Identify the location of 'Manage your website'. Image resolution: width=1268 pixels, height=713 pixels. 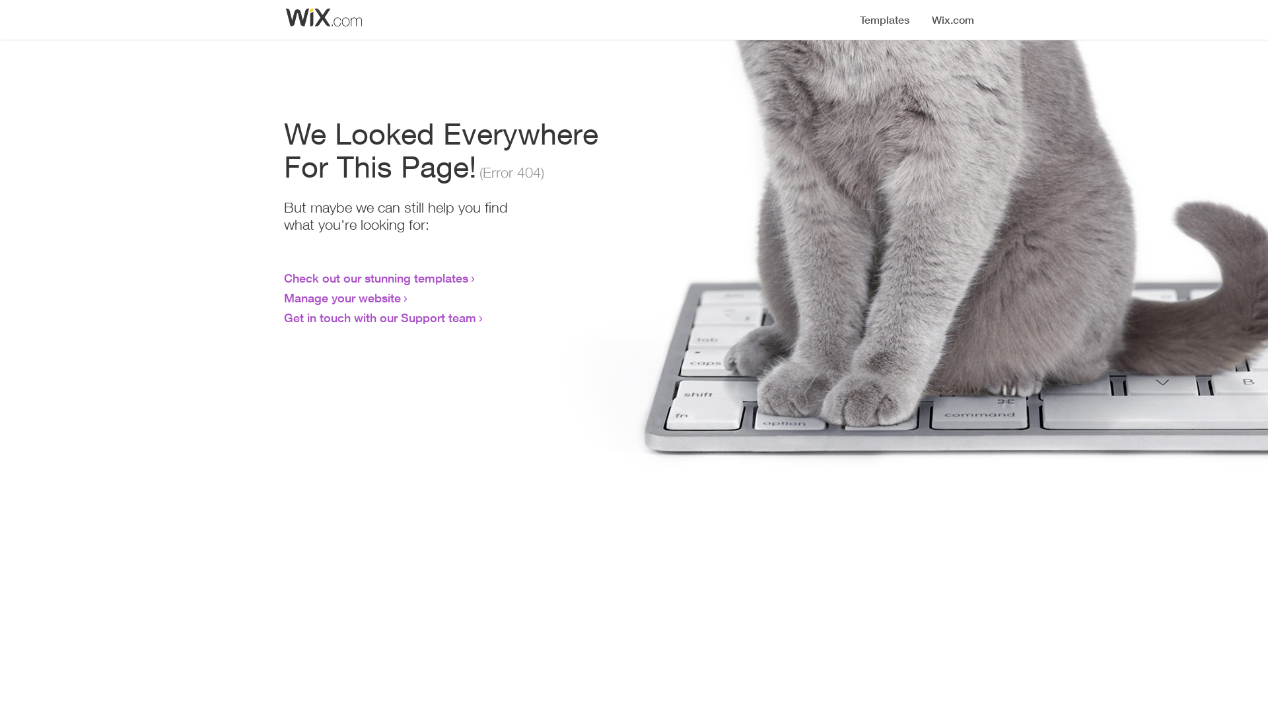
(342, 298).